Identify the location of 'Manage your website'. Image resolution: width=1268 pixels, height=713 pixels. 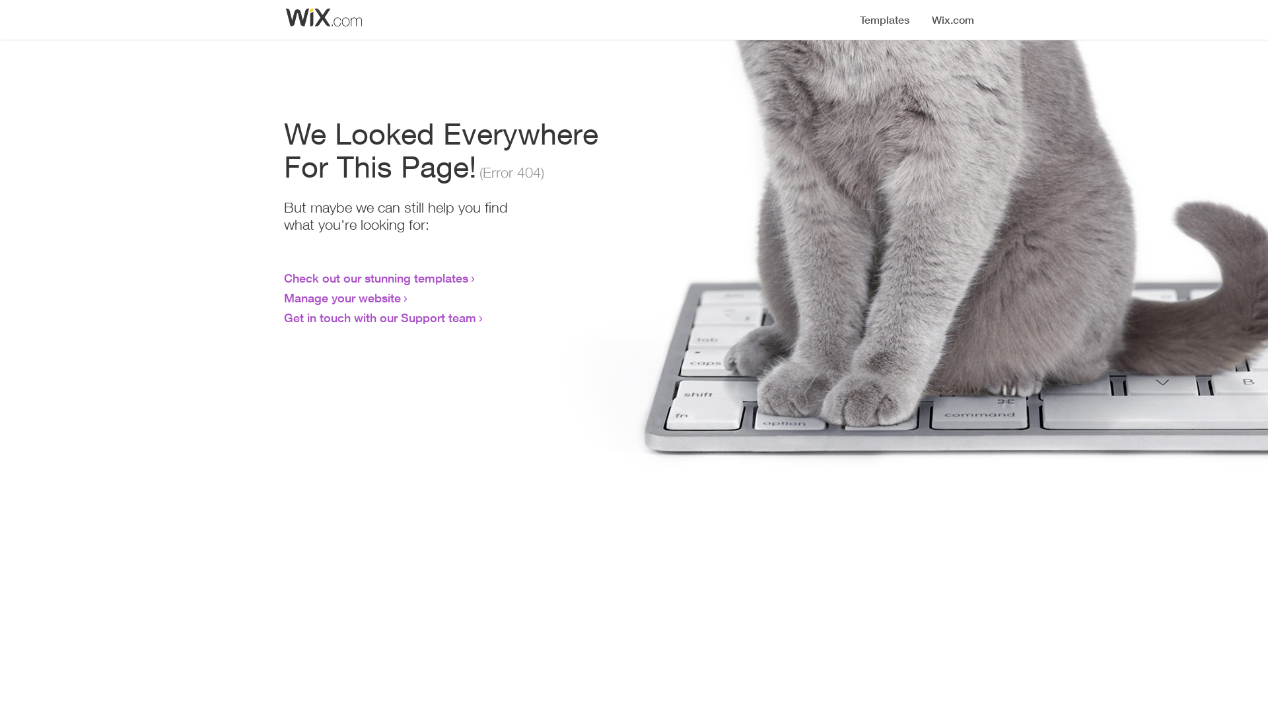
(342, 298).